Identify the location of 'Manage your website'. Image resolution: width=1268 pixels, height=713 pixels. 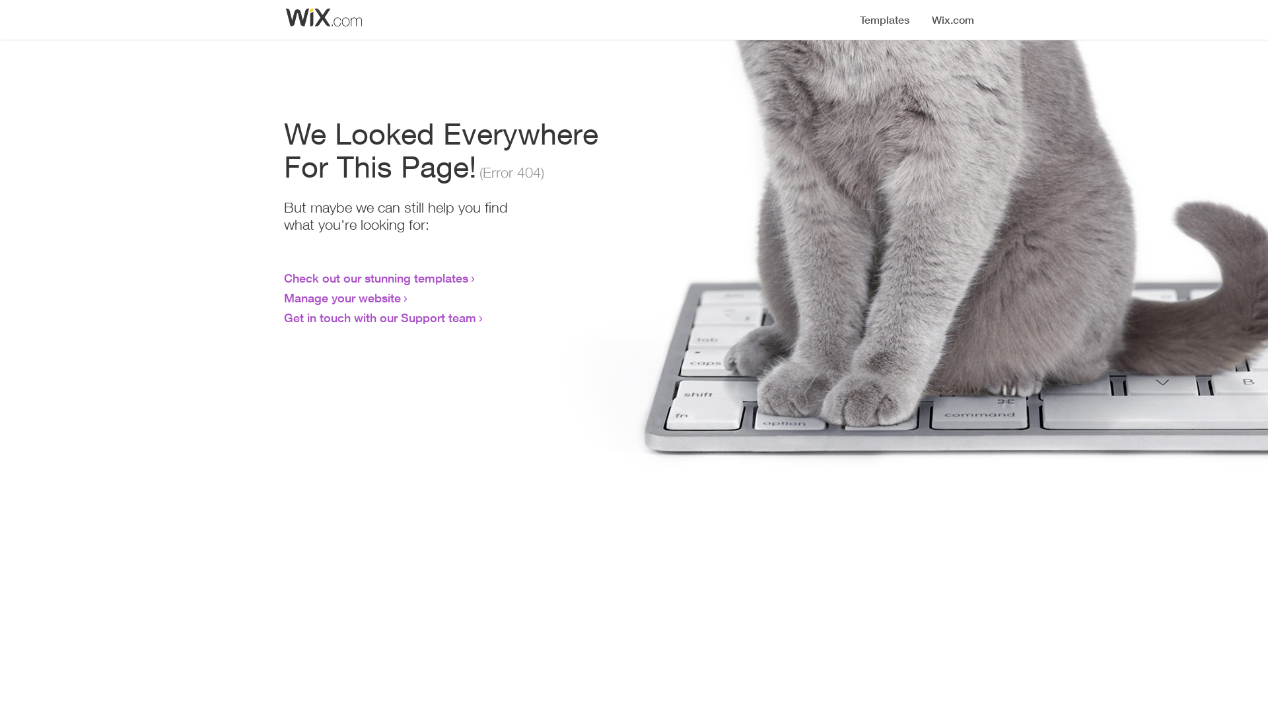
(342, 298).